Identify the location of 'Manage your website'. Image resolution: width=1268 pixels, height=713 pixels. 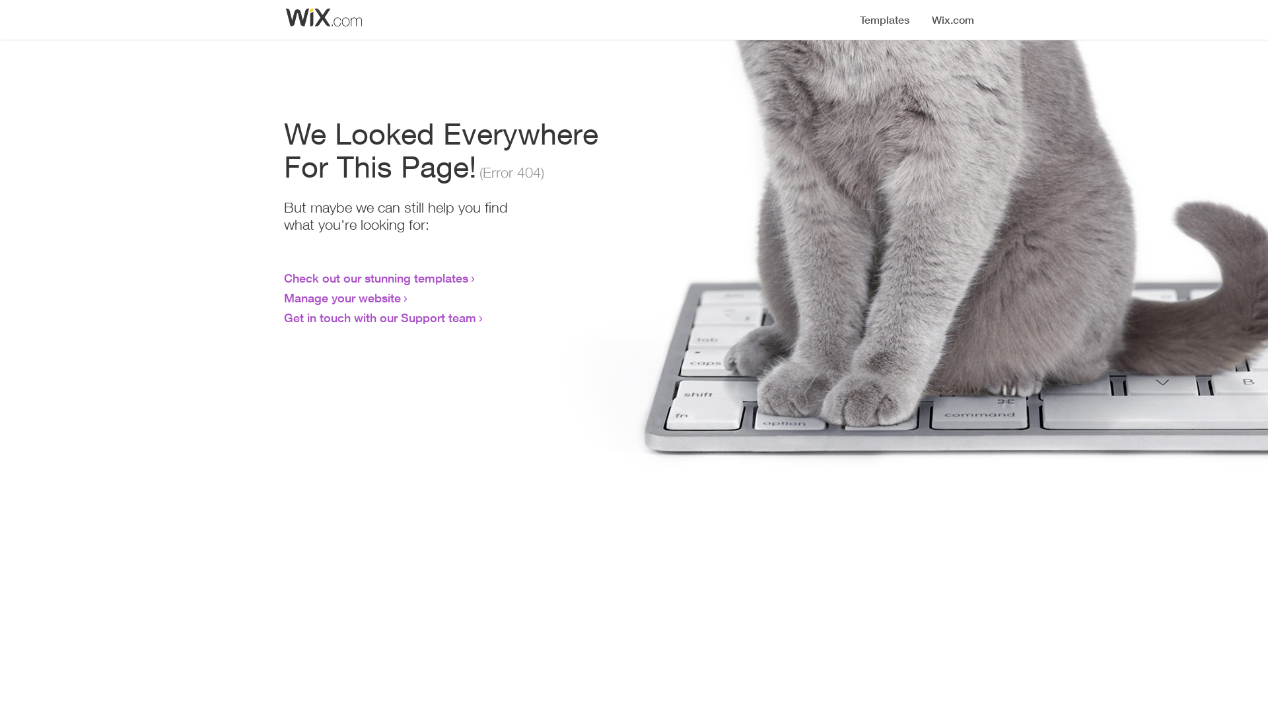
(342, 298).